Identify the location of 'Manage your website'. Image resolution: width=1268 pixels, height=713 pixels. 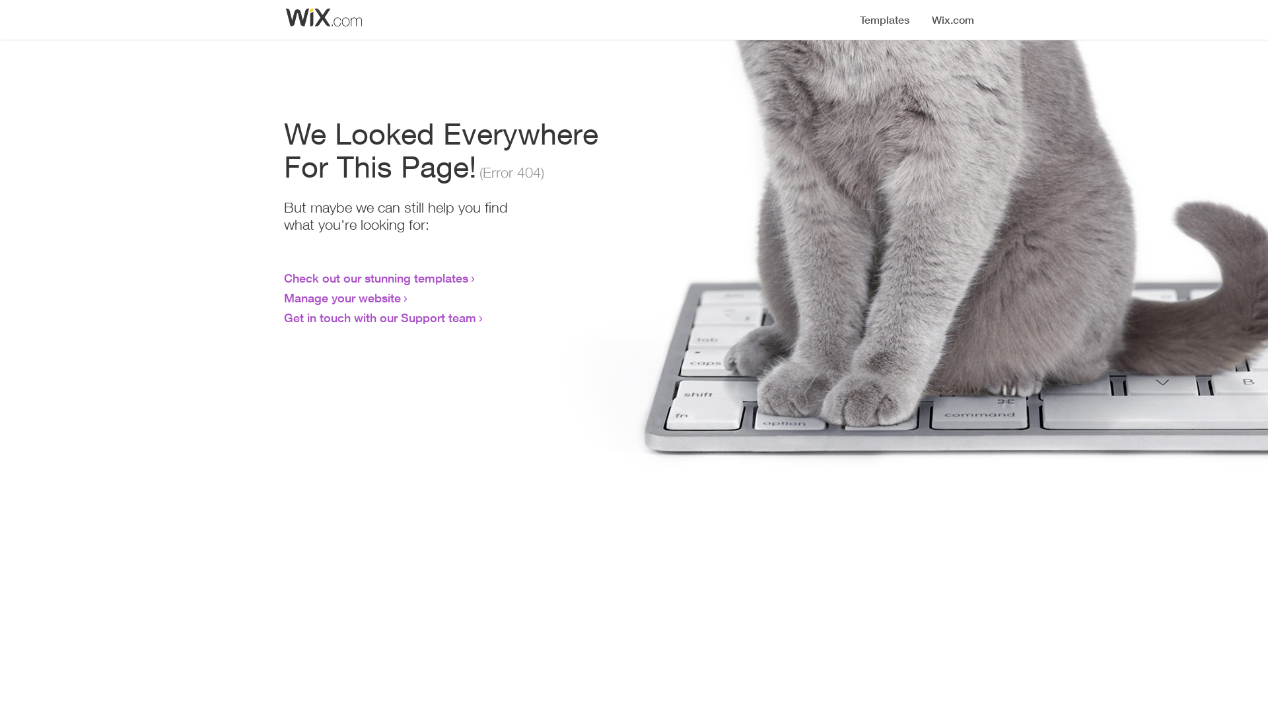
(342, 298).